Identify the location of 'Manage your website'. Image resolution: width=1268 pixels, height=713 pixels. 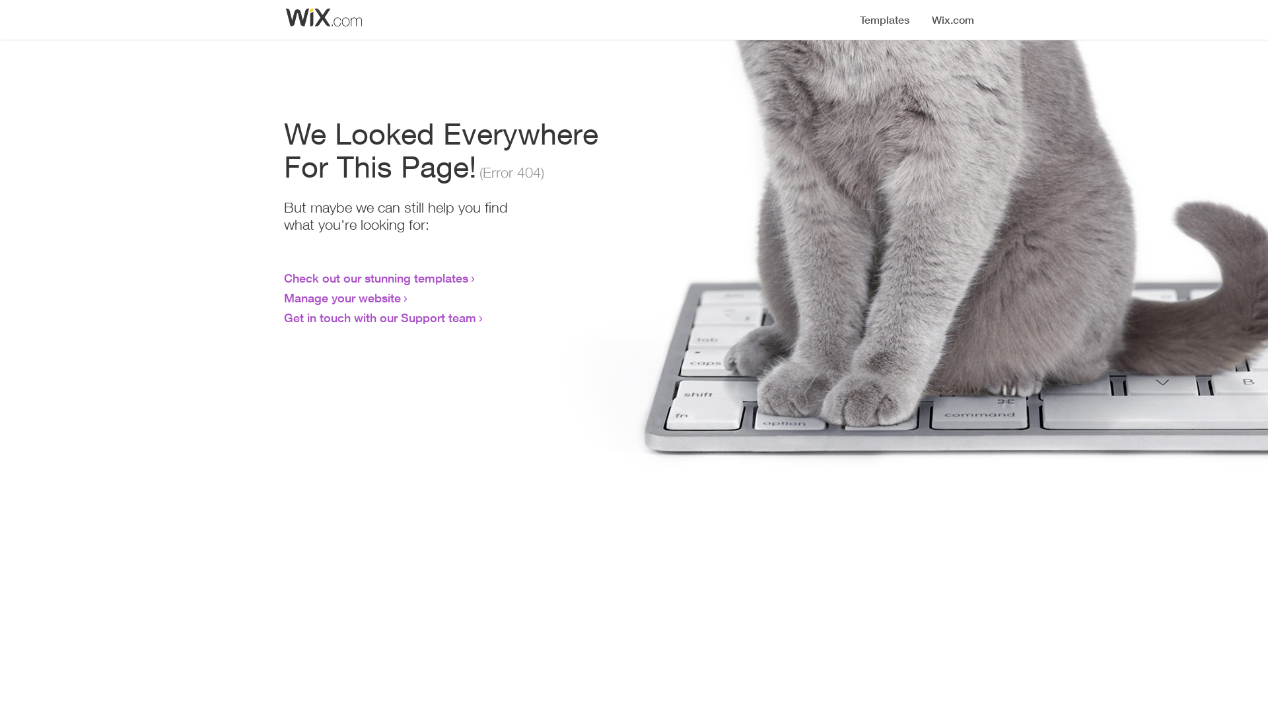
(342, 298).